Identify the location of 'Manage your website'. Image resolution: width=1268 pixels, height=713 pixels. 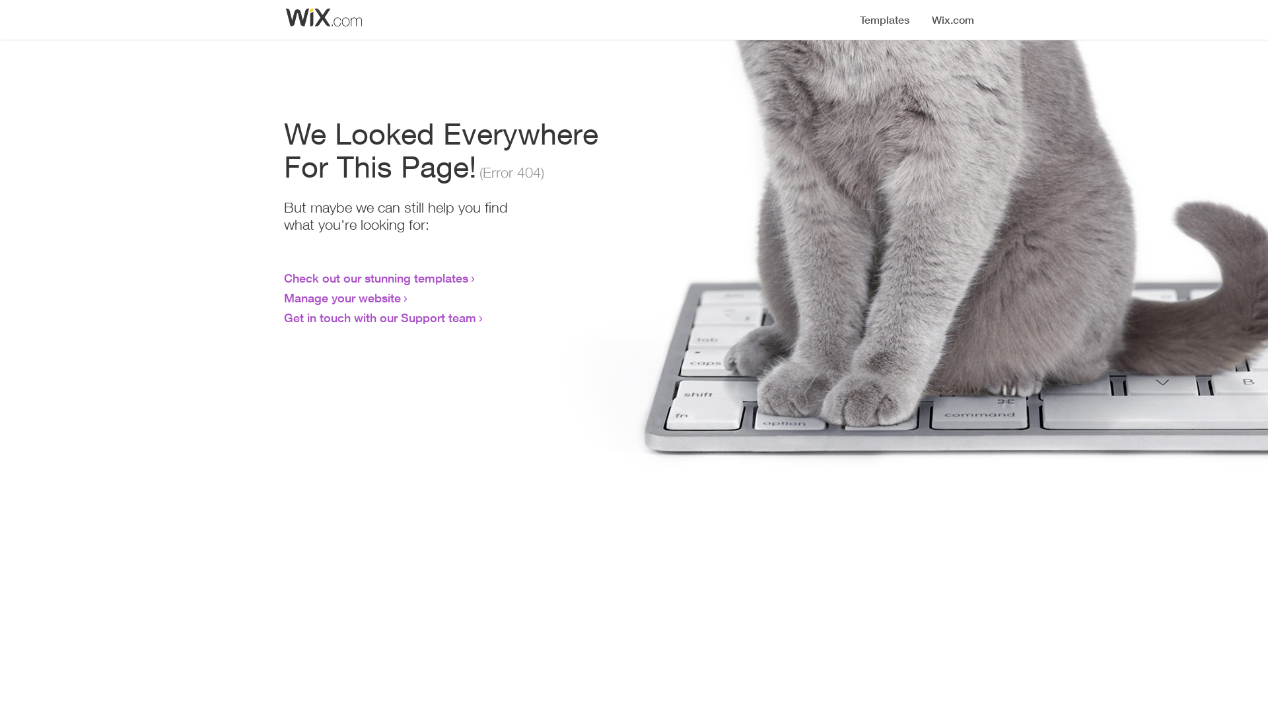
(342, 298).